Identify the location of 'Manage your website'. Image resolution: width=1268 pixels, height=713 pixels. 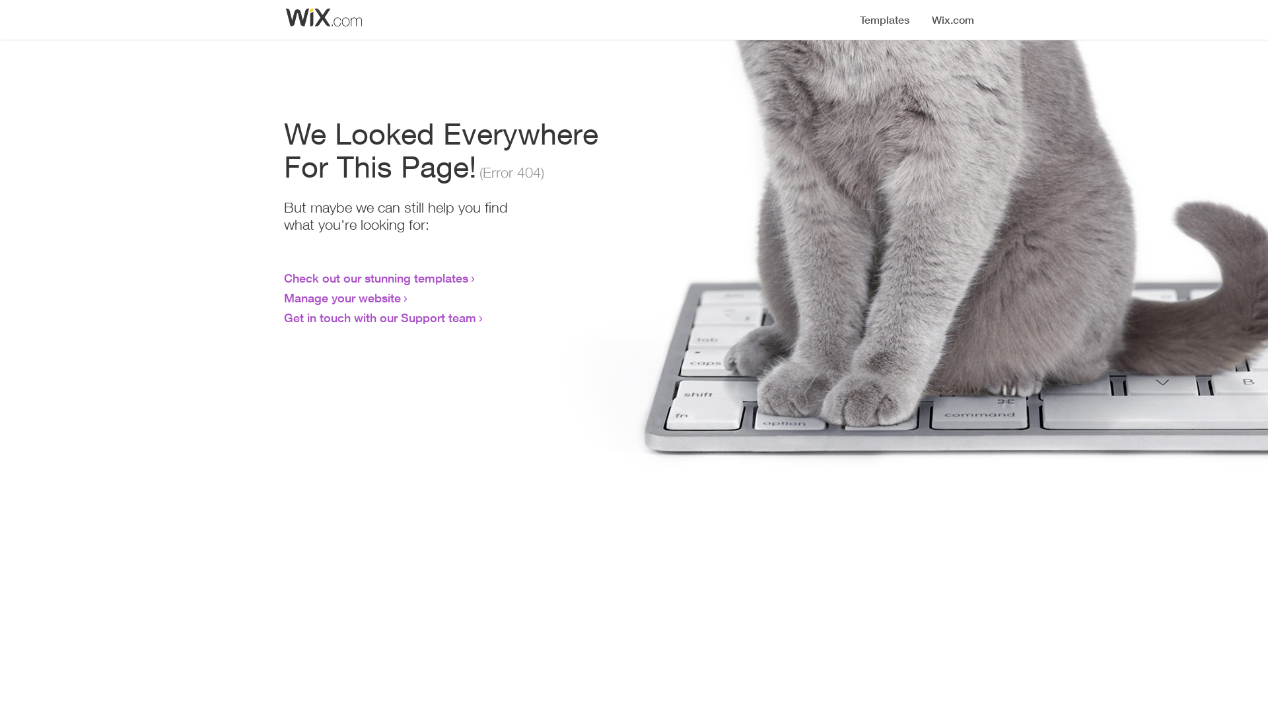
(342, 298).